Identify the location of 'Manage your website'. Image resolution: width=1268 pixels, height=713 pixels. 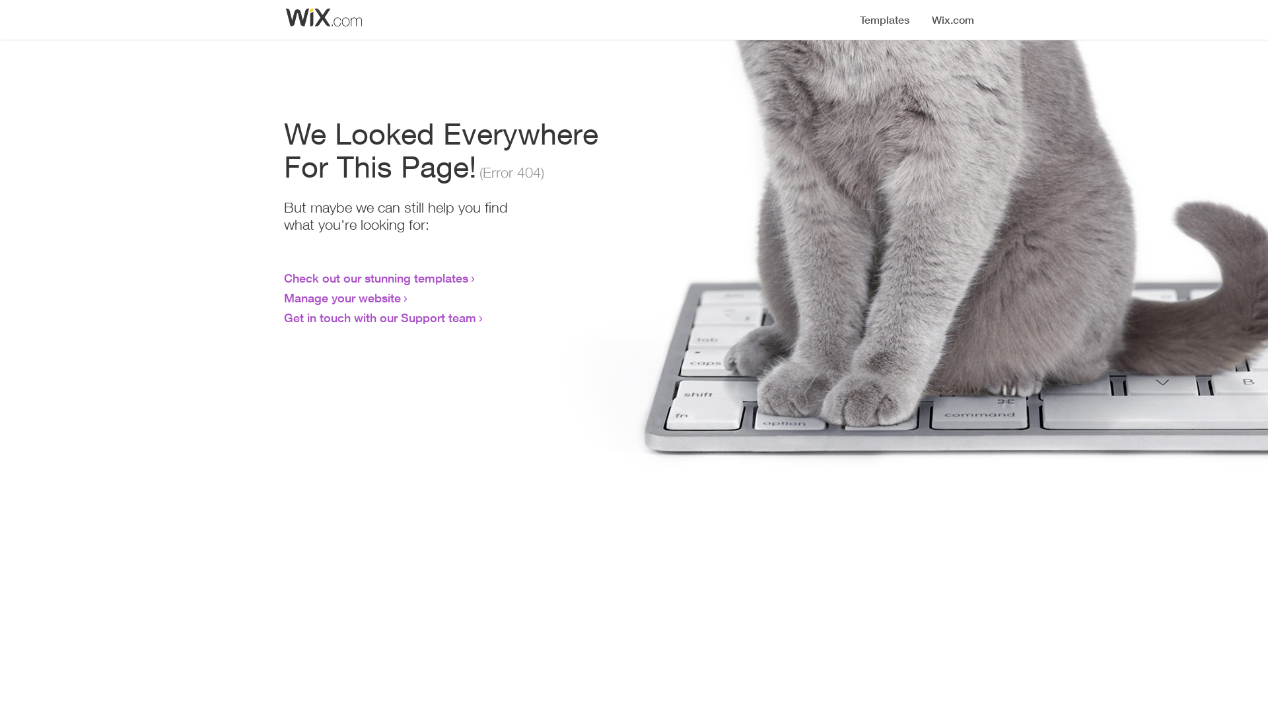
(342, 298).